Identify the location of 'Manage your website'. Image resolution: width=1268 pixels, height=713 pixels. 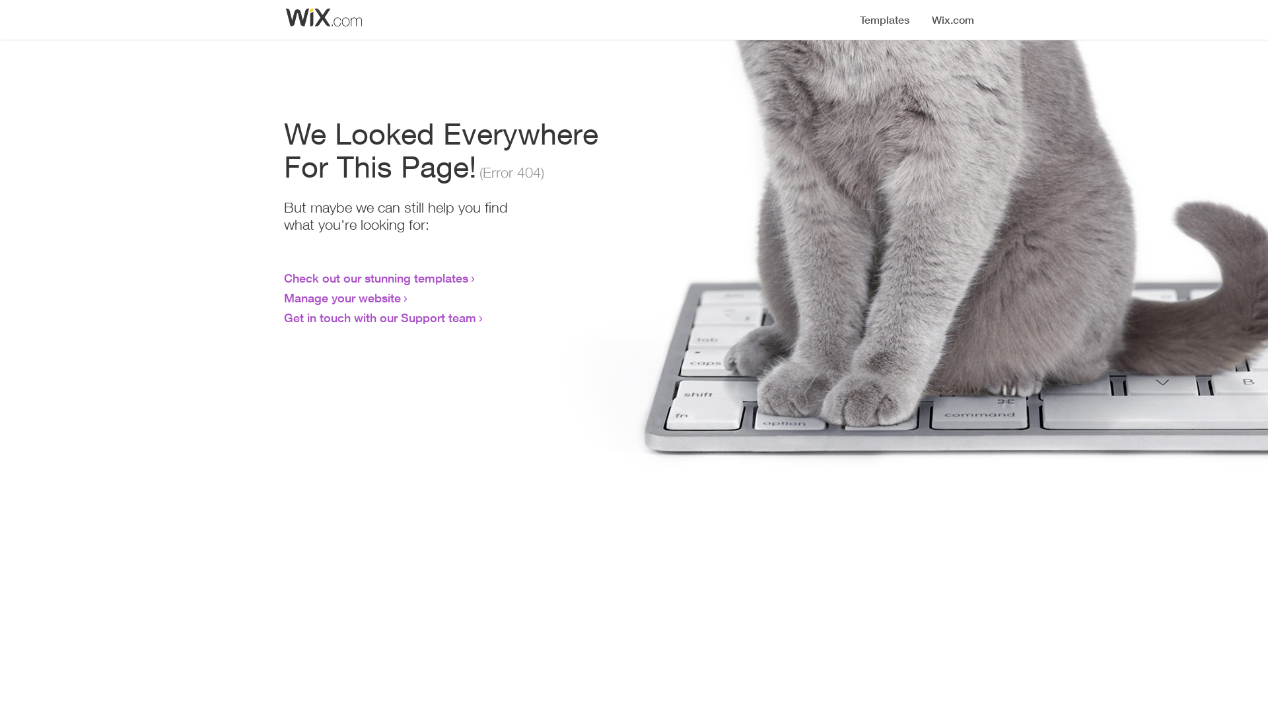
(342, 298).